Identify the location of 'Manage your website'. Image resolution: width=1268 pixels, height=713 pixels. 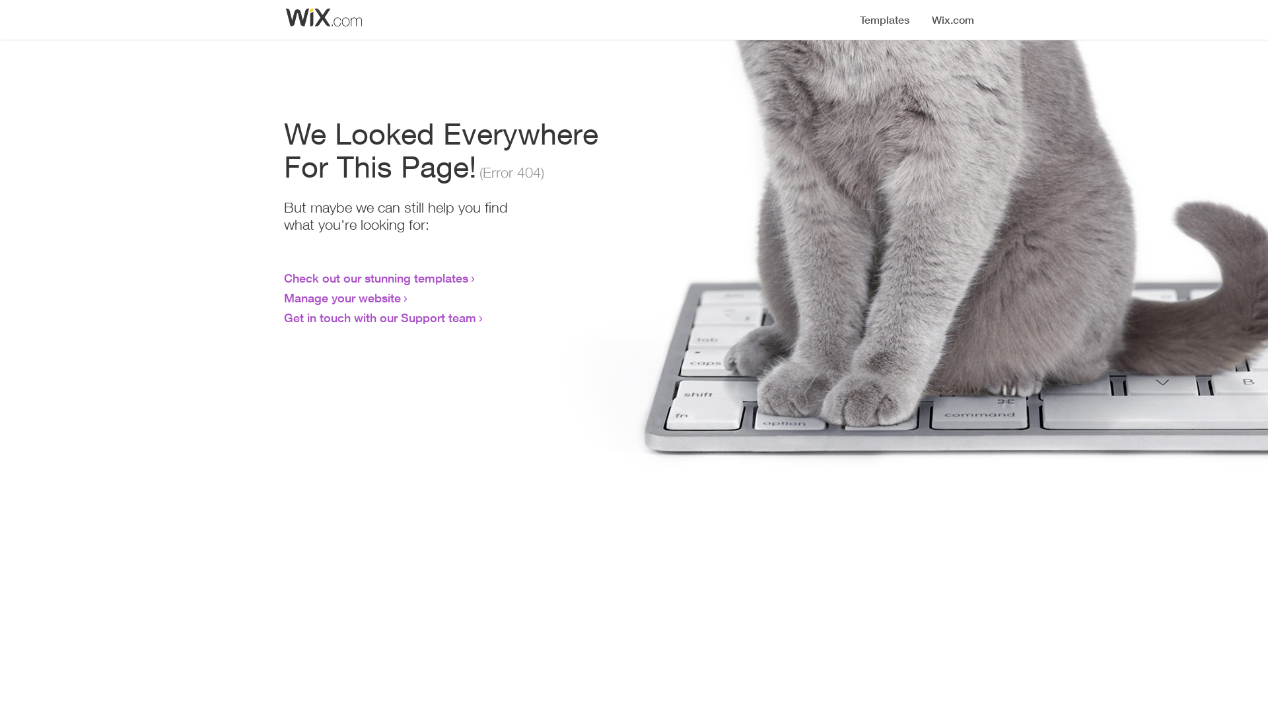
(342, 298).